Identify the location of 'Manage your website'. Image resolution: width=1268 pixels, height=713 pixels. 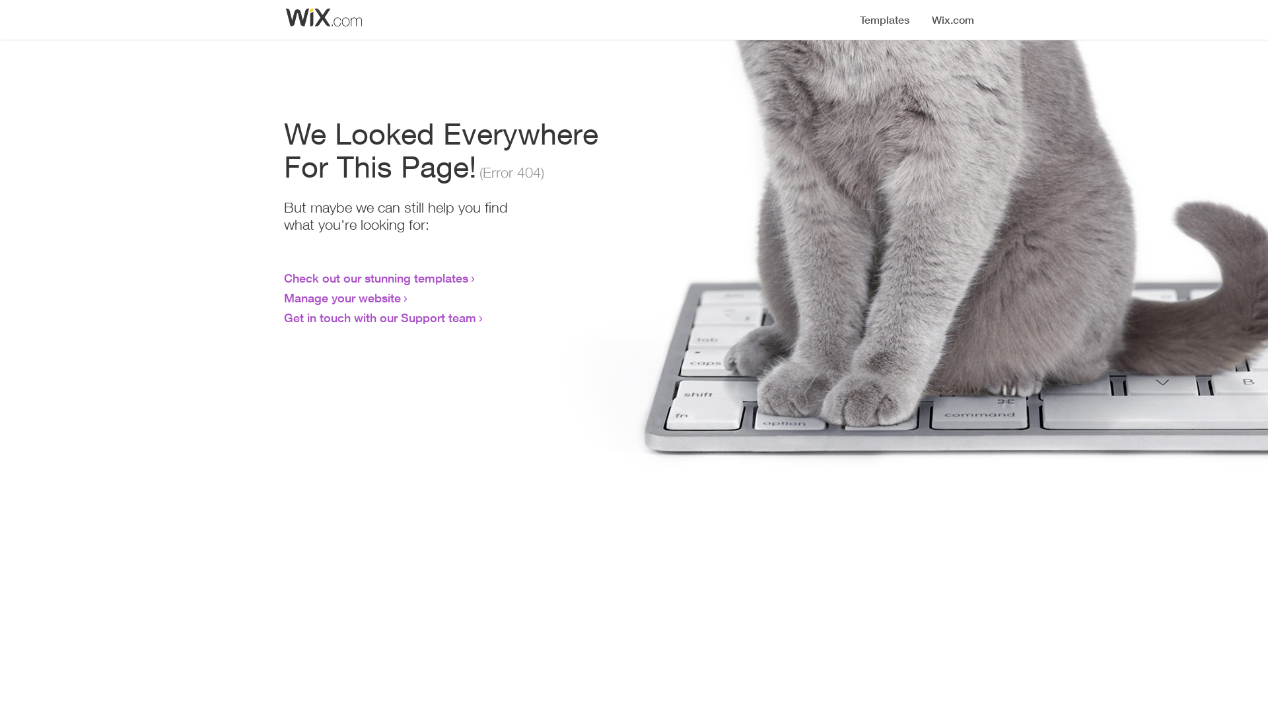
(342, 298).